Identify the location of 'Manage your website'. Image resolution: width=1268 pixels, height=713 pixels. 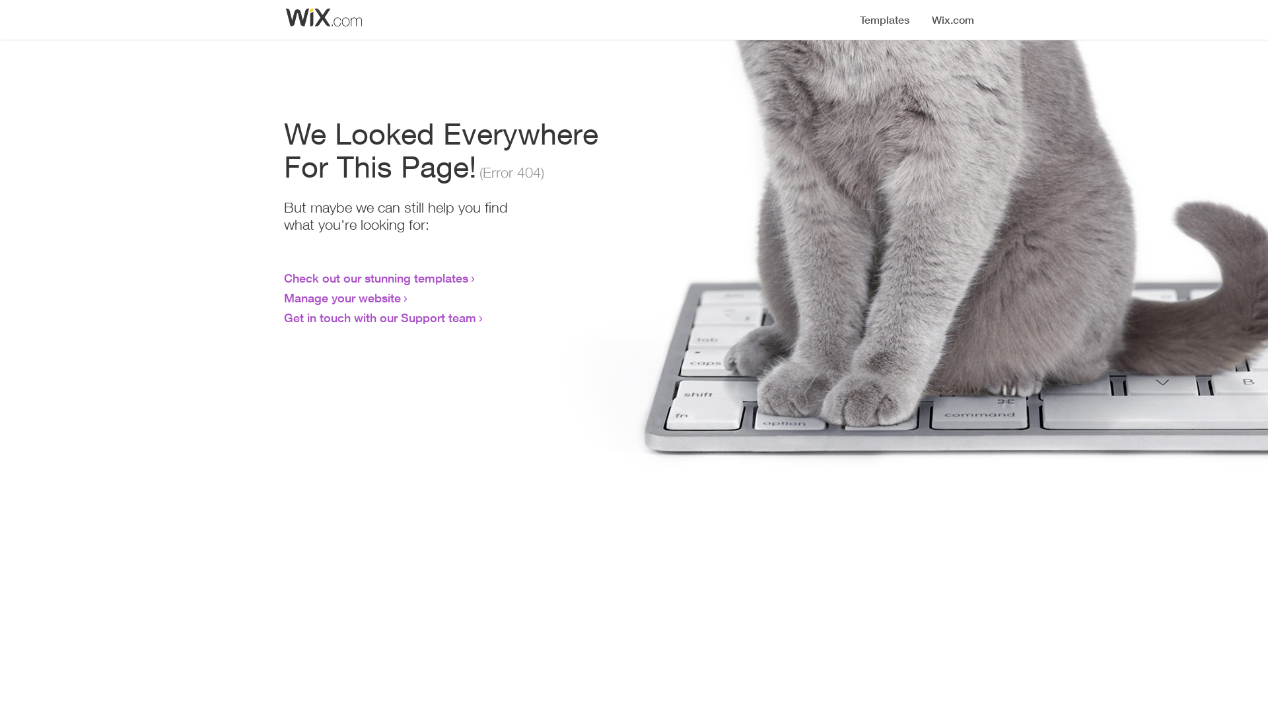
(342, 298).